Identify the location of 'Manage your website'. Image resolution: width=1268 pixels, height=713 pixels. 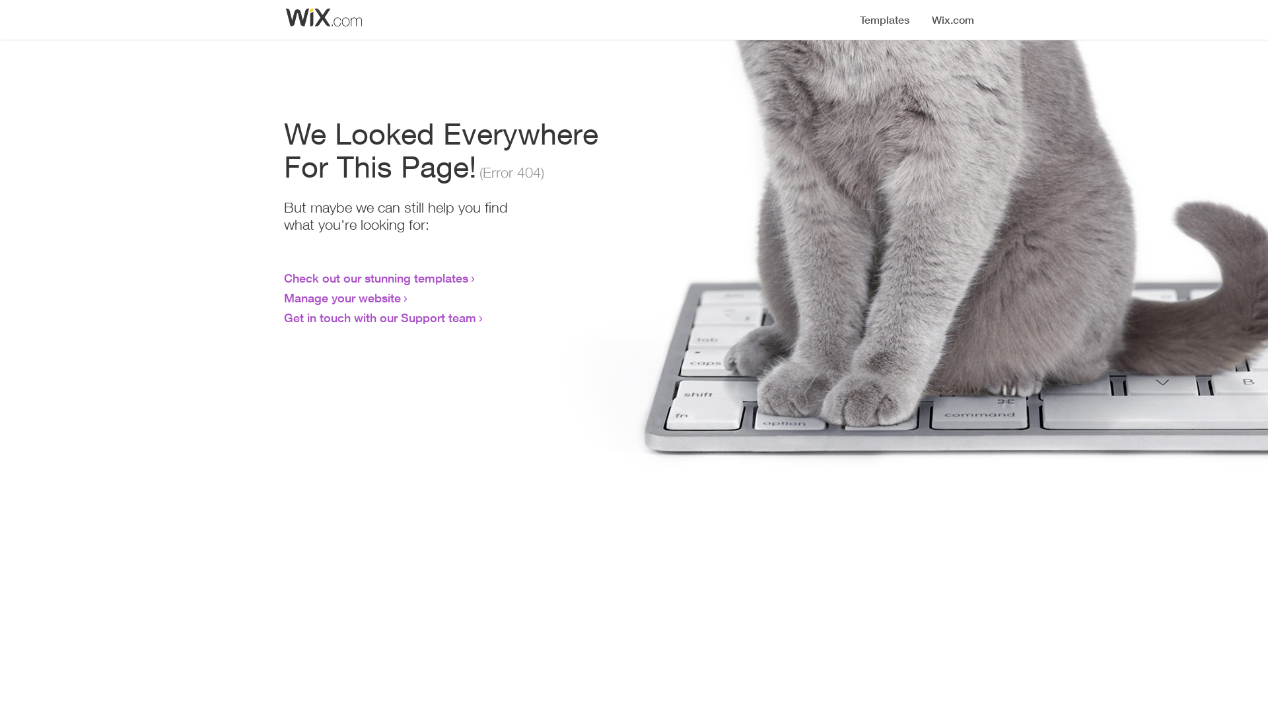
(342, 298).